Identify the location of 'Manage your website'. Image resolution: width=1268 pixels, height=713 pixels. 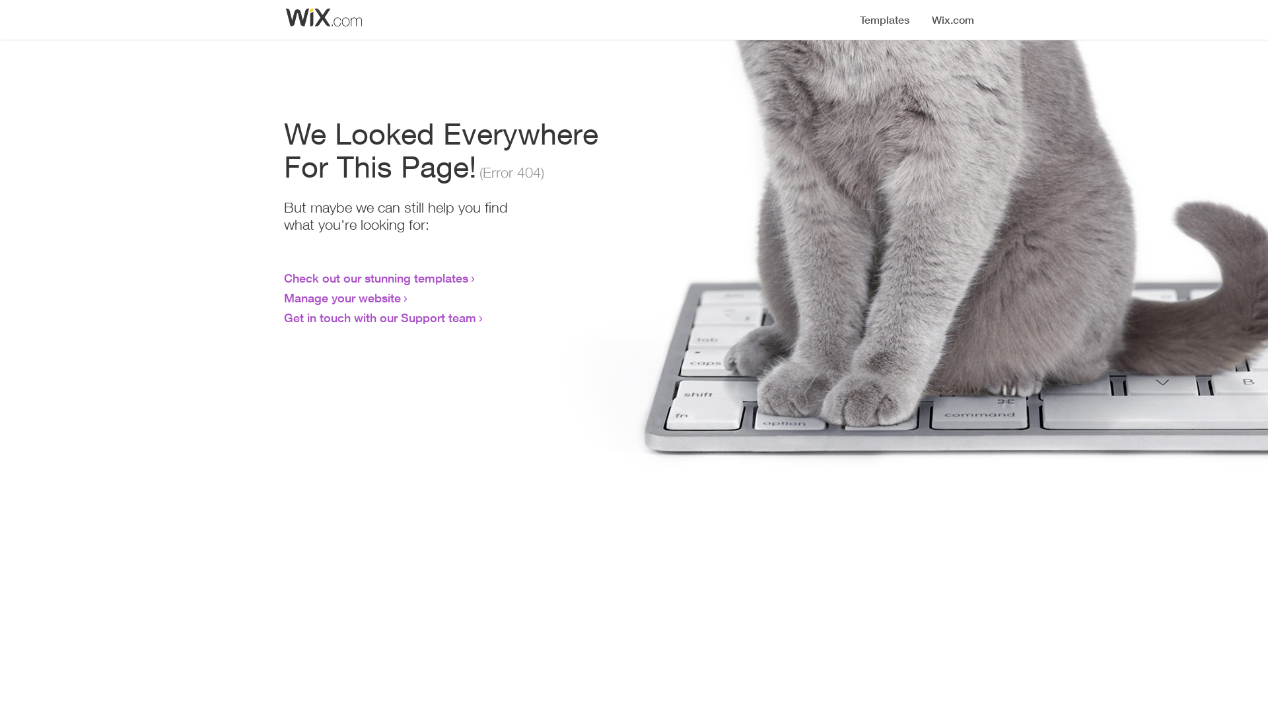
(342, 298).